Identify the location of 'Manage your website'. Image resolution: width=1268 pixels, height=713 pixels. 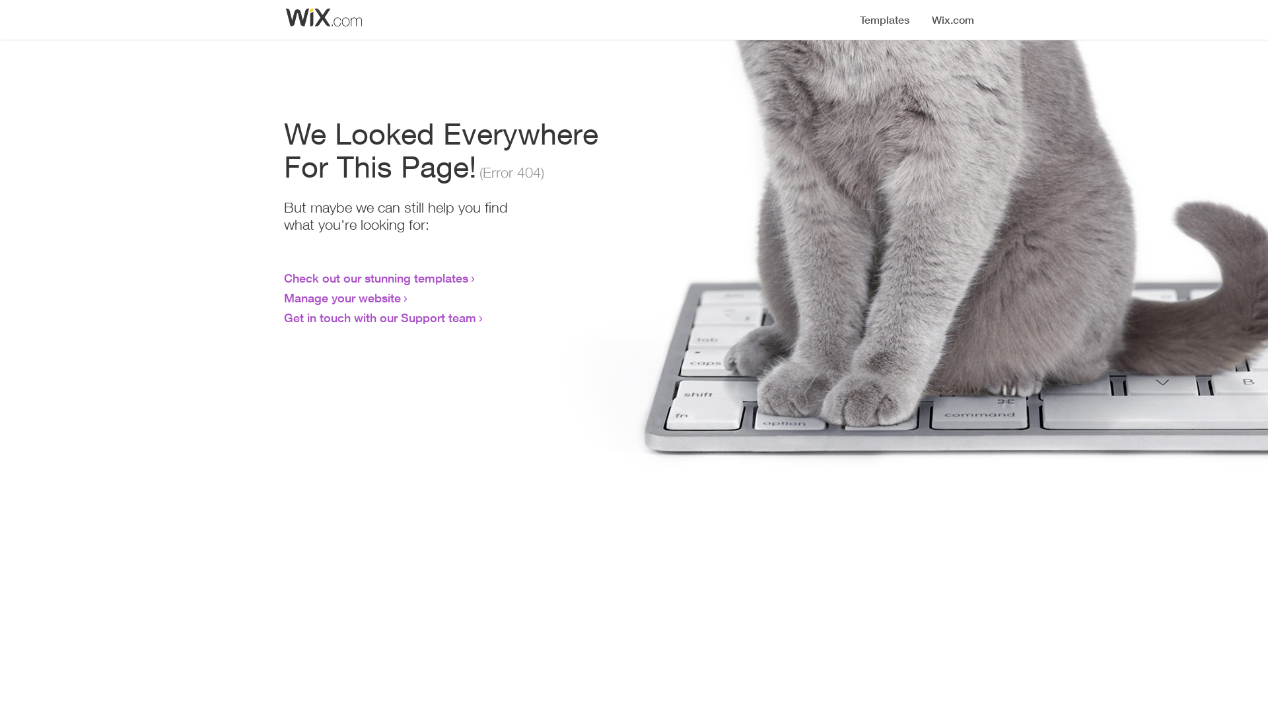
(342, 298).